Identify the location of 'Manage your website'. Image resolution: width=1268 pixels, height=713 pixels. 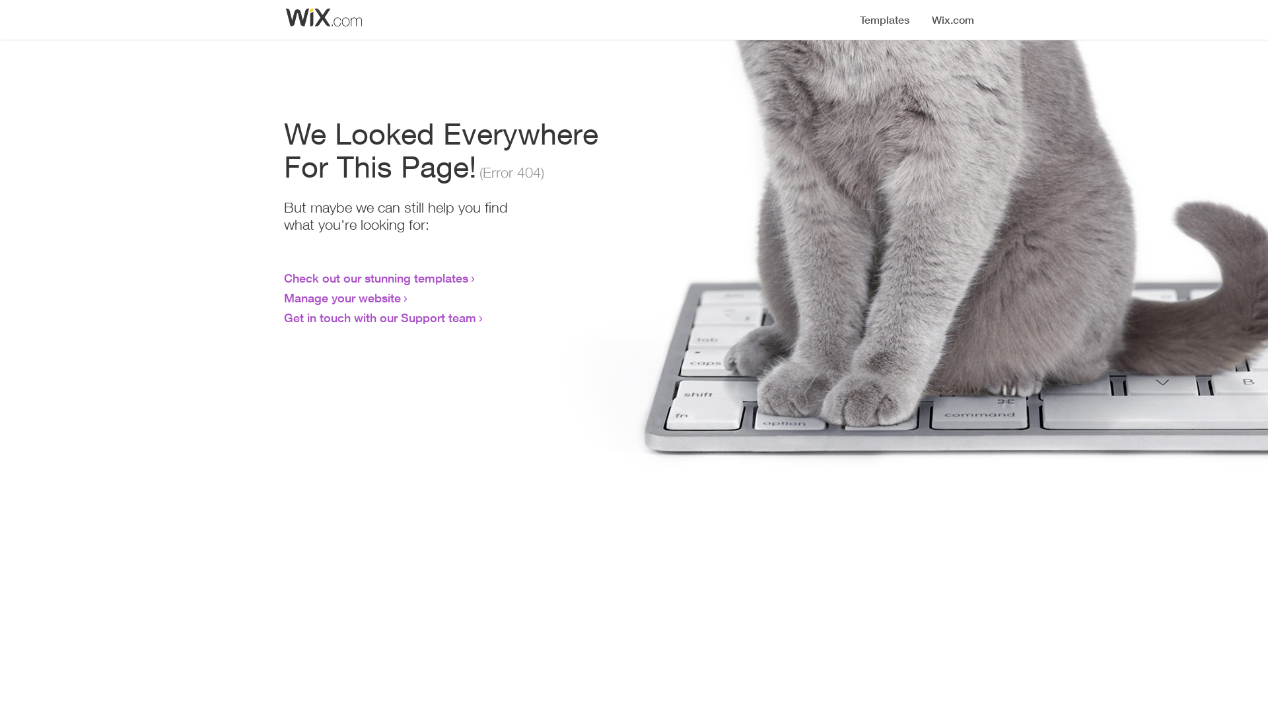
(342, 298).